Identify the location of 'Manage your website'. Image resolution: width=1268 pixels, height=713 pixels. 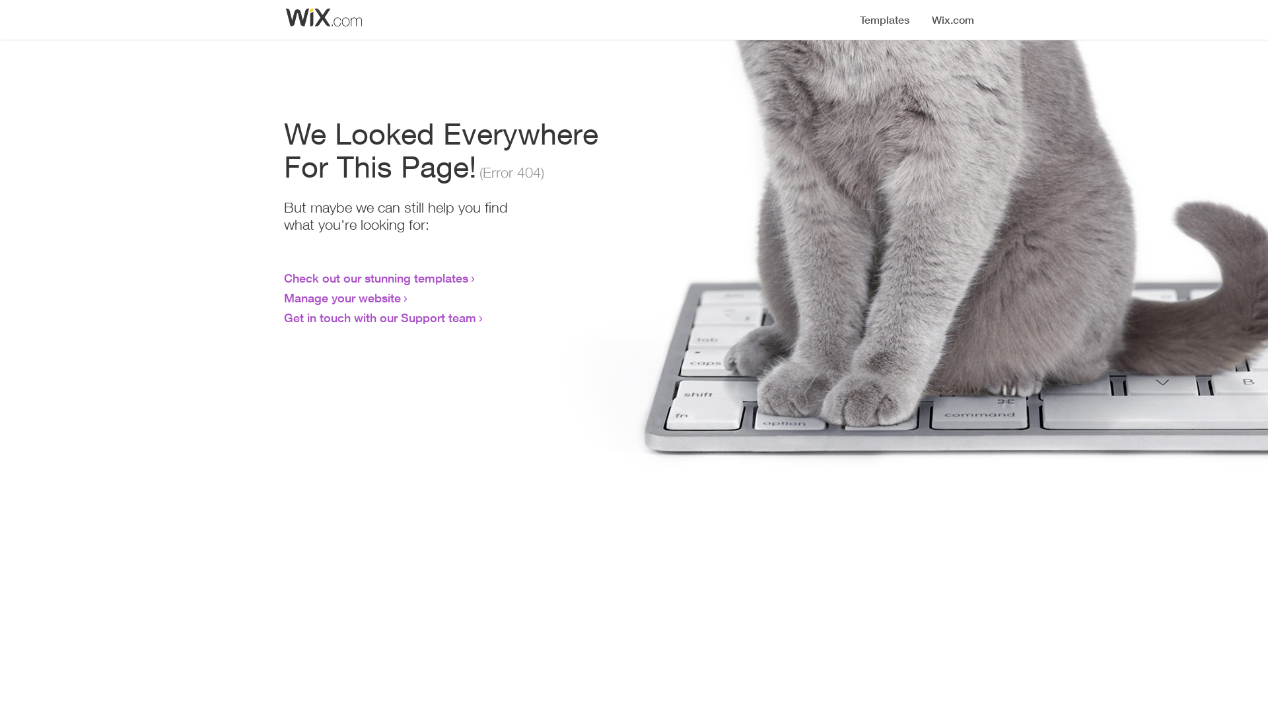
(342, 298).